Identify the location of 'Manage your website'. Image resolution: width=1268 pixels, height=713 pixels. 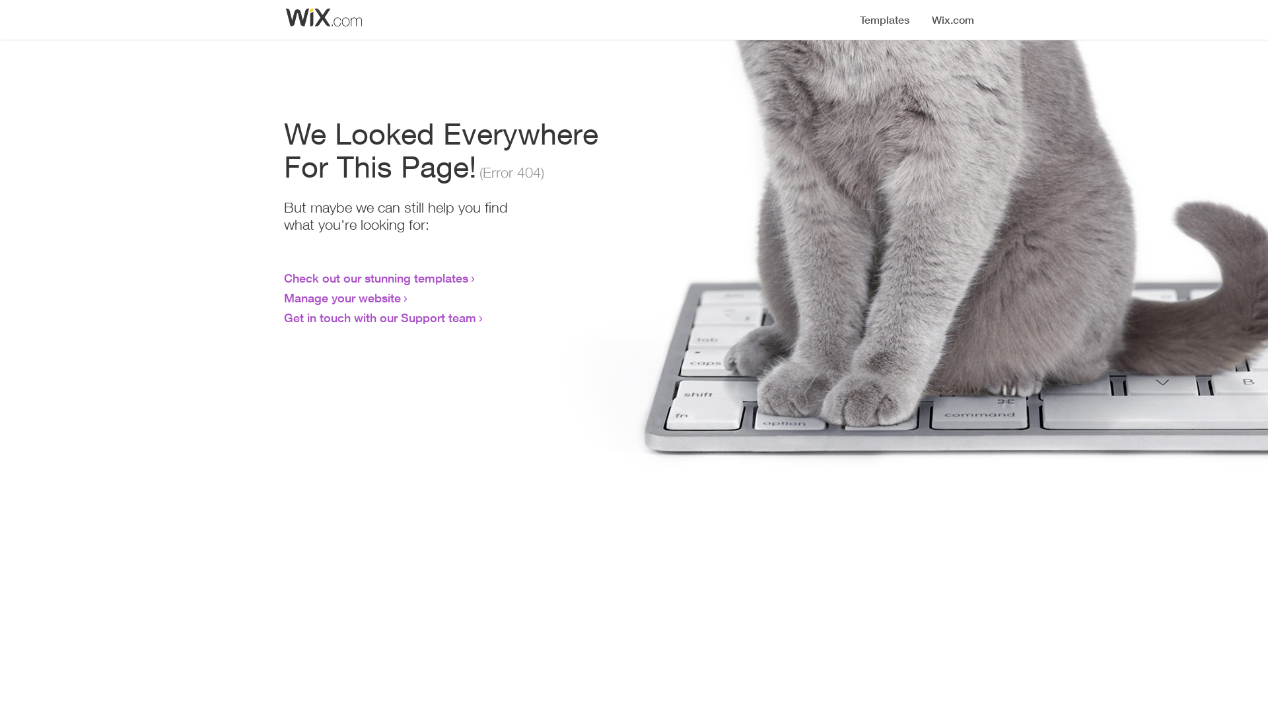
(342, 298).